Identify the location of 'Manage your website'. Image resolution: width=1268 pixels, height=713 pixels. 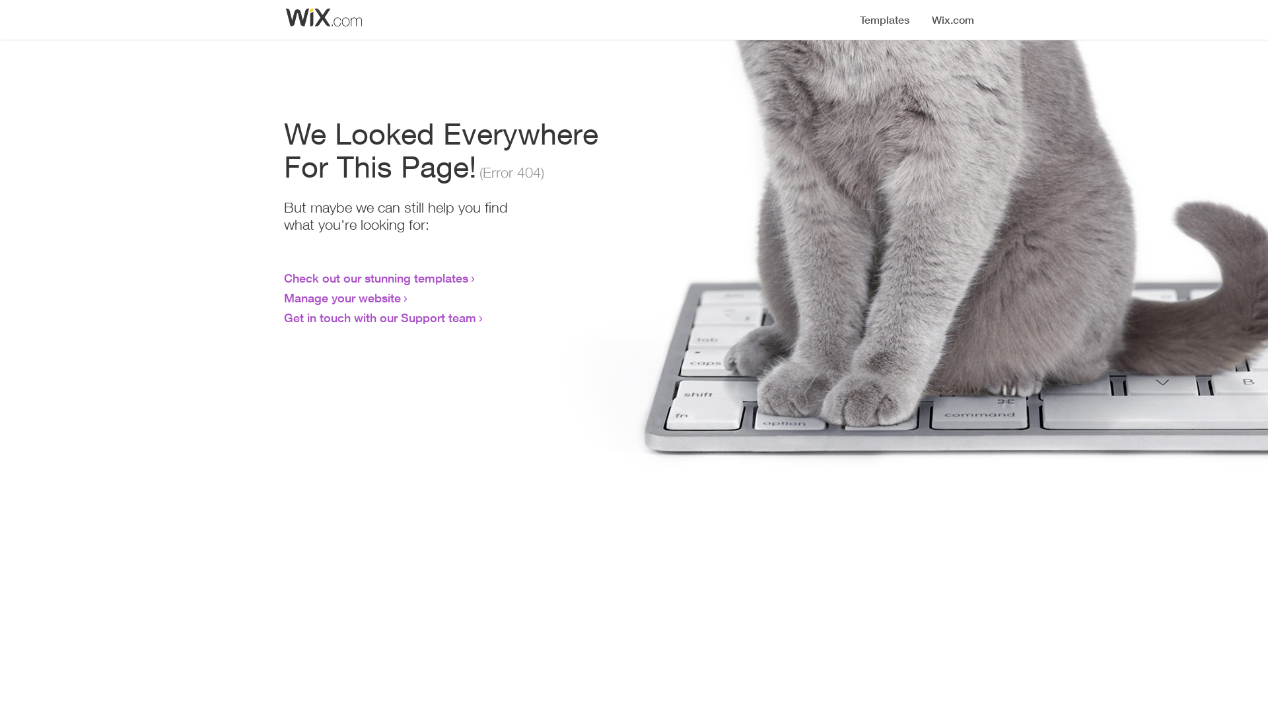
(342, 298).